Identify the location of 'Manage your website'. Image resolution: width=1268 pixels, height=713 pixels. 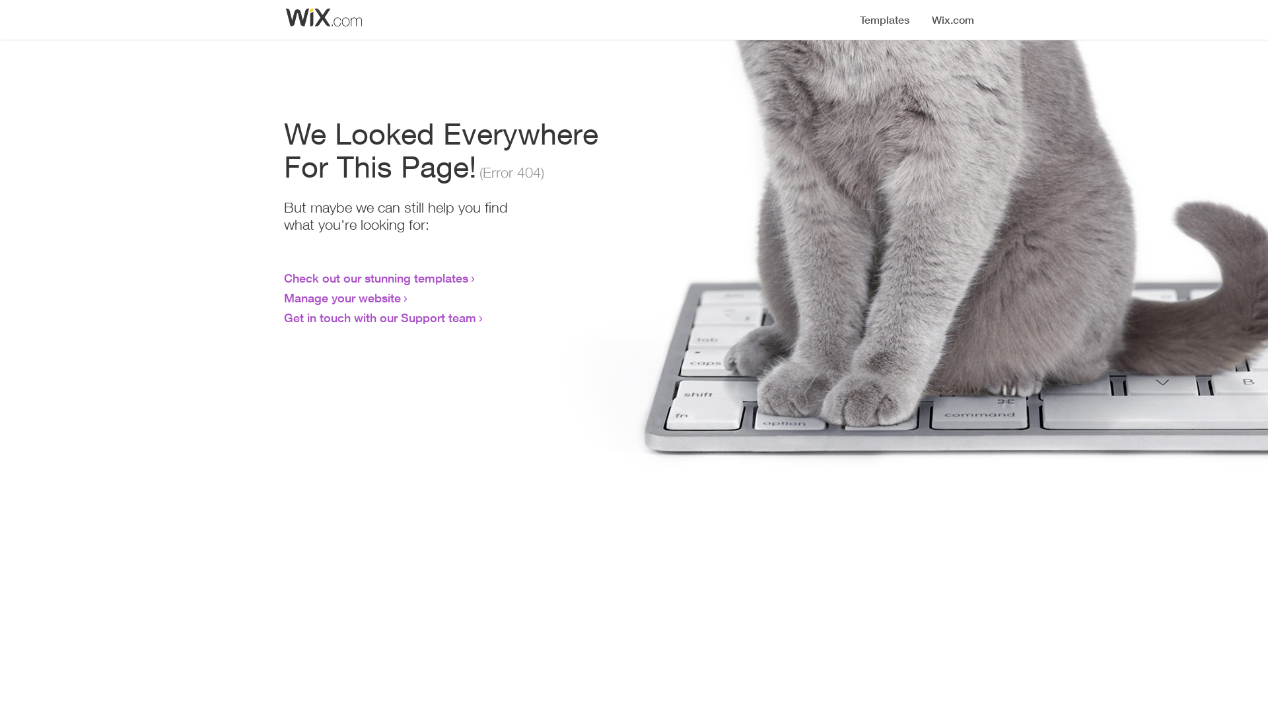
(342, 298).